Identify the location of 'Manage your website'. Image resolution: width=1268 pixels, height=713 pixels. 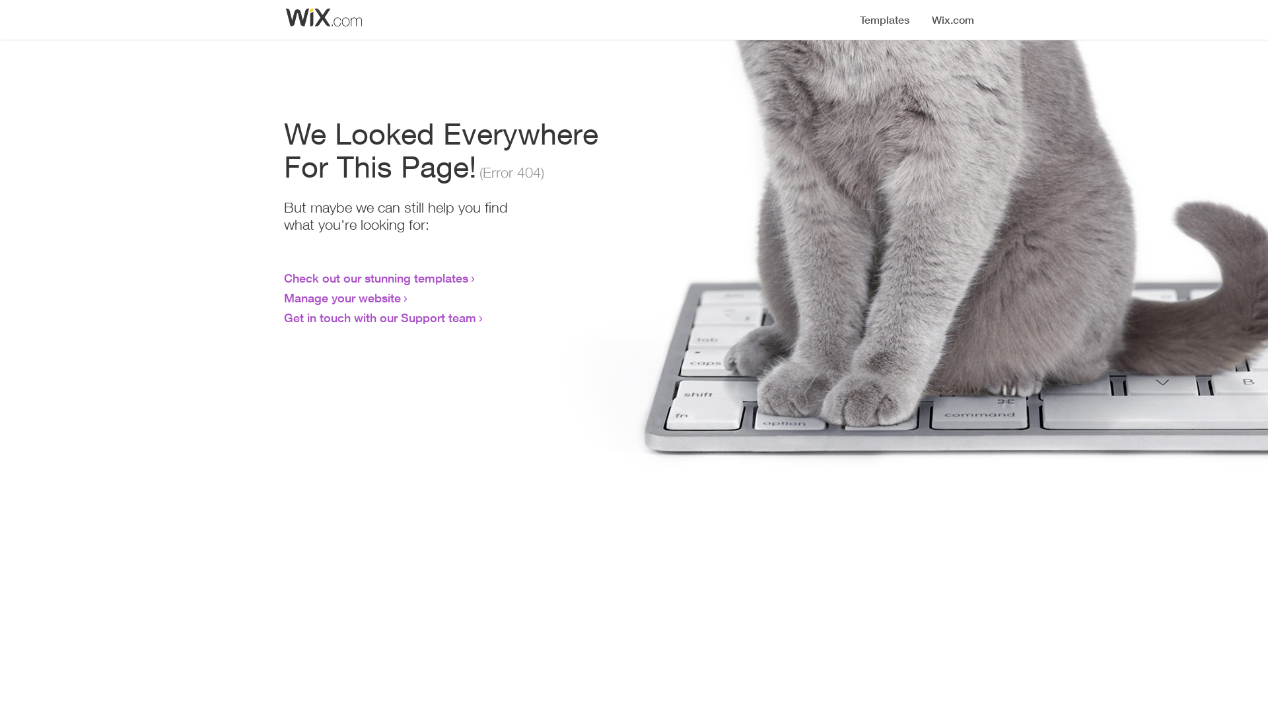
(342, 298).